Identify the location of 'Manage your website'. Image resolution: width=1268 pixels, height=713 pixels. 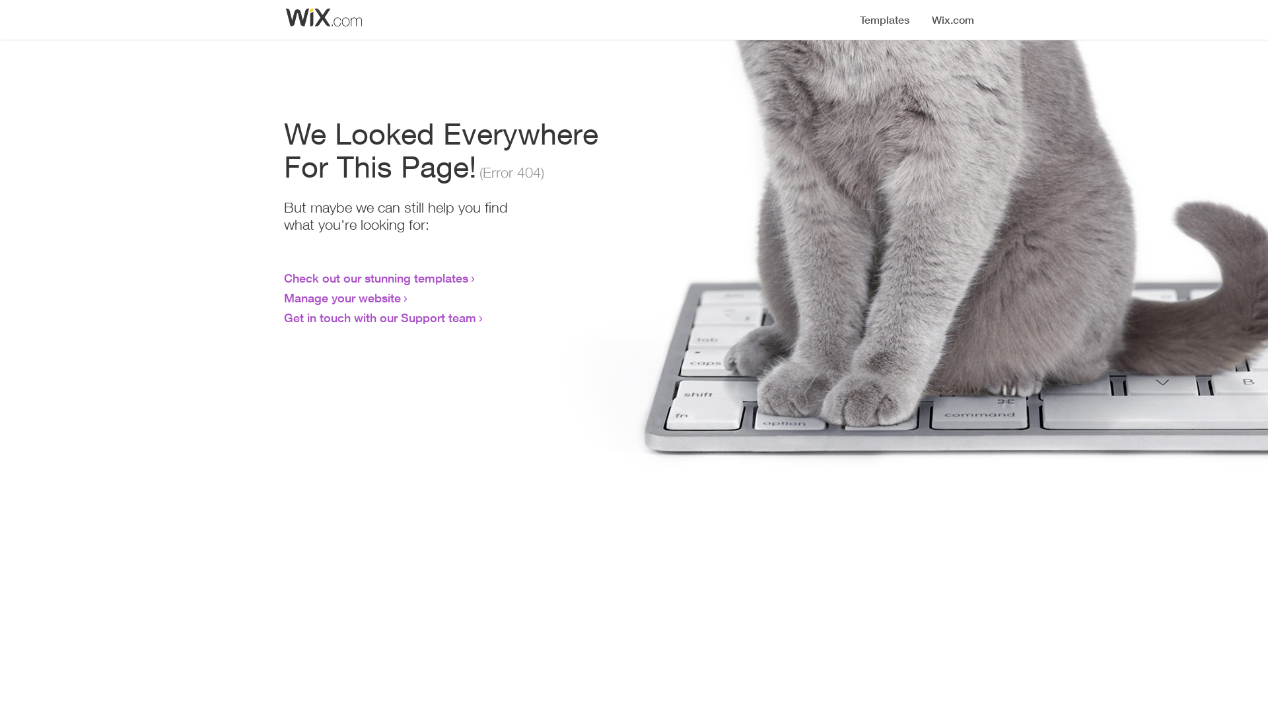
(342, 298).